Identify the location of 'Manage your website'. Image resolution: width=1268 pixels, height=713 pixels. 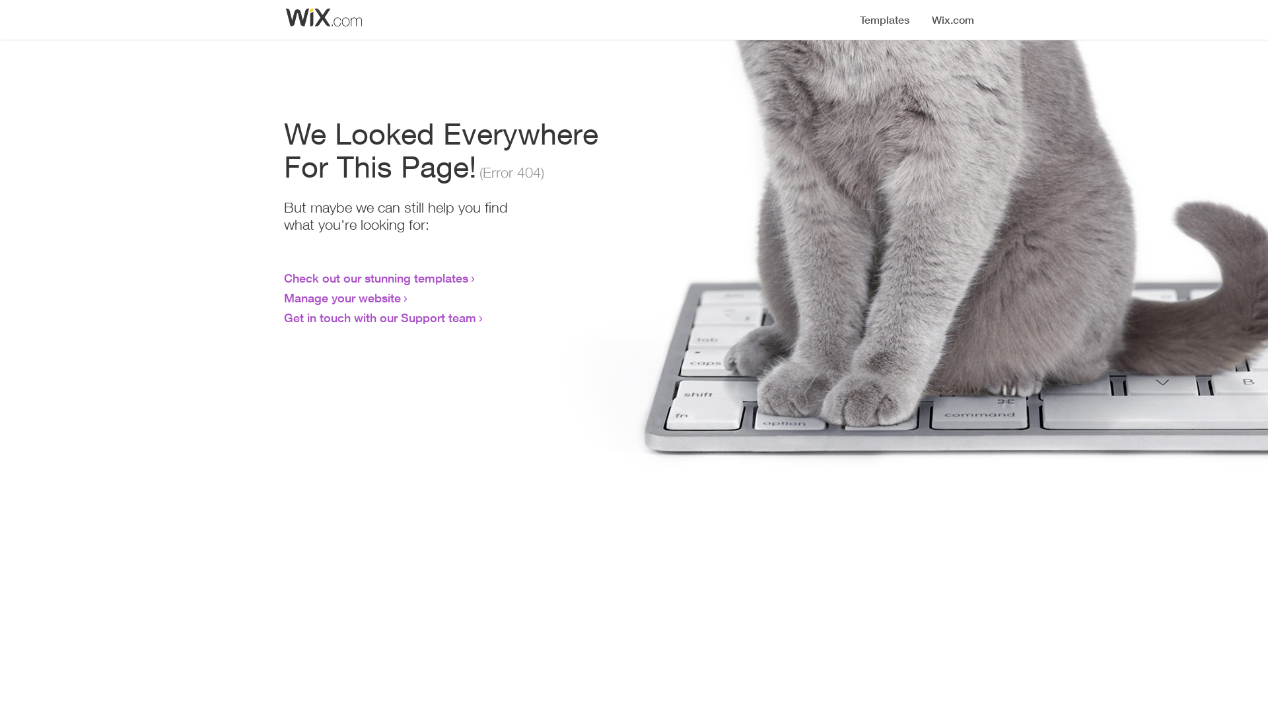
(342, 298).